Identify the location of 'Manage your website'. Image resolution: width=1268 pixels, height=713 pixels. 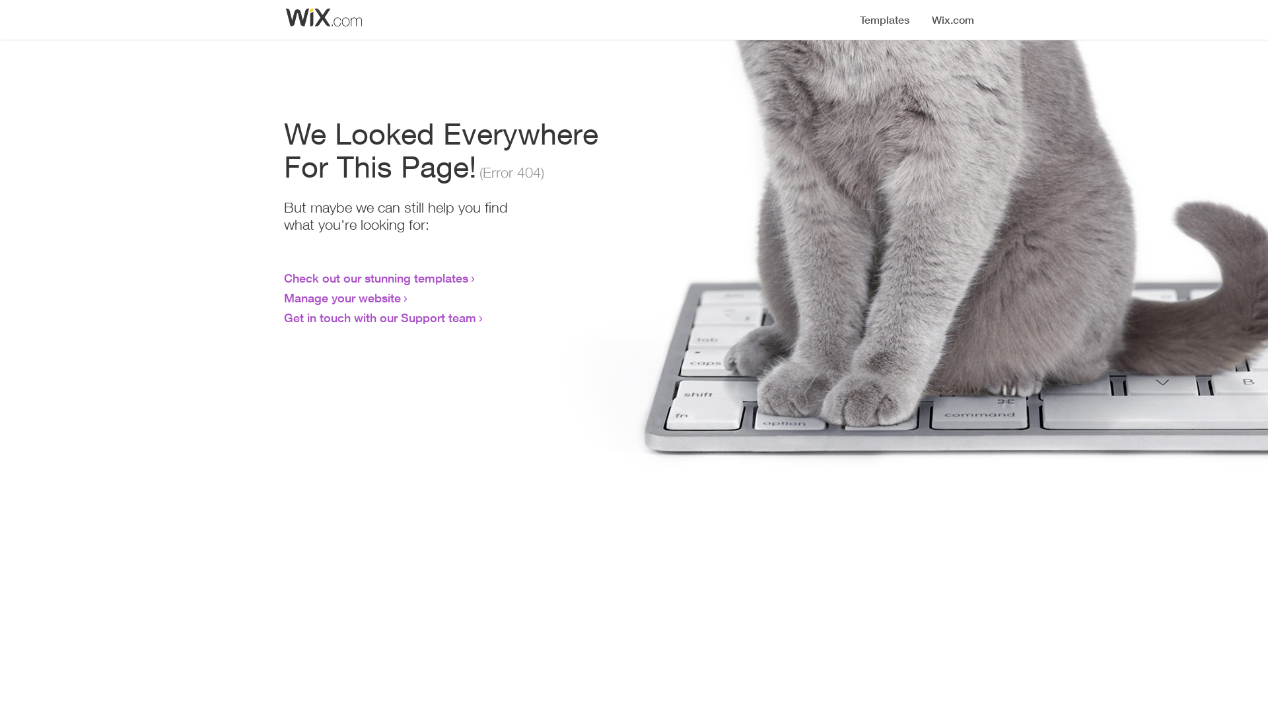
(342, 298).